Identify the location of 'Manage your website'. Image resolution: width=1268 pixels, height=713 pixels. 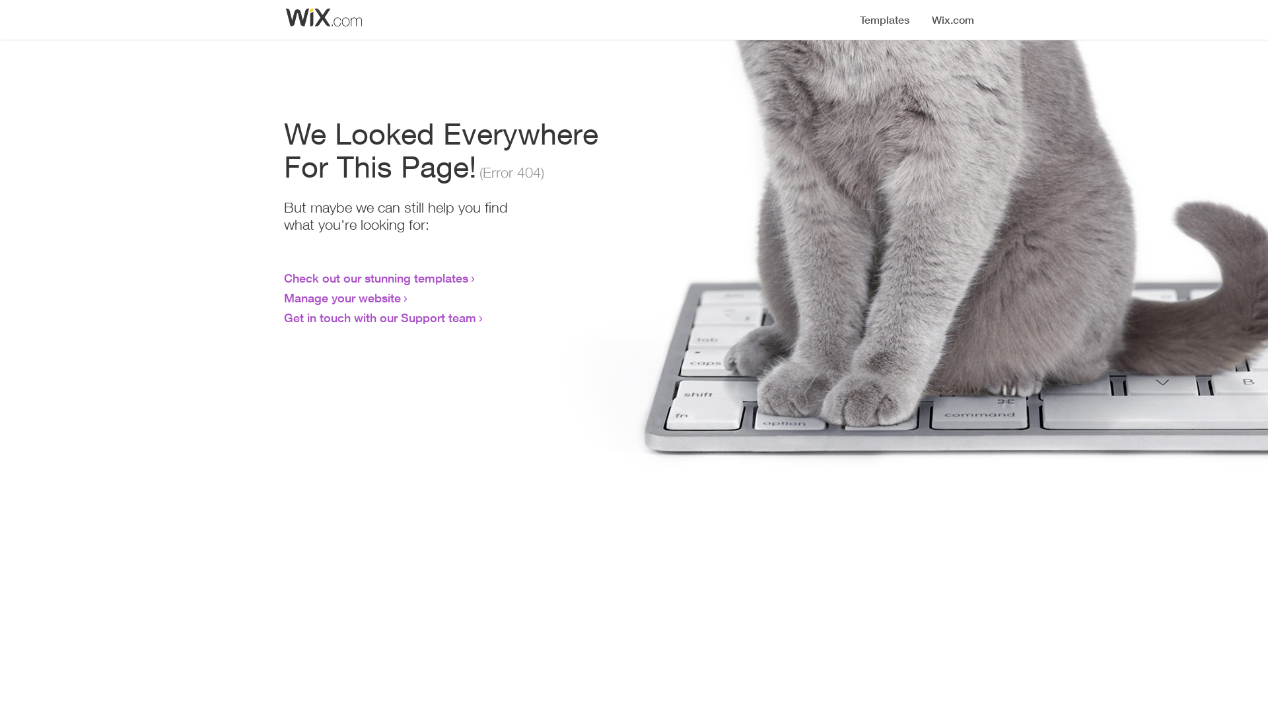
(342, 298).